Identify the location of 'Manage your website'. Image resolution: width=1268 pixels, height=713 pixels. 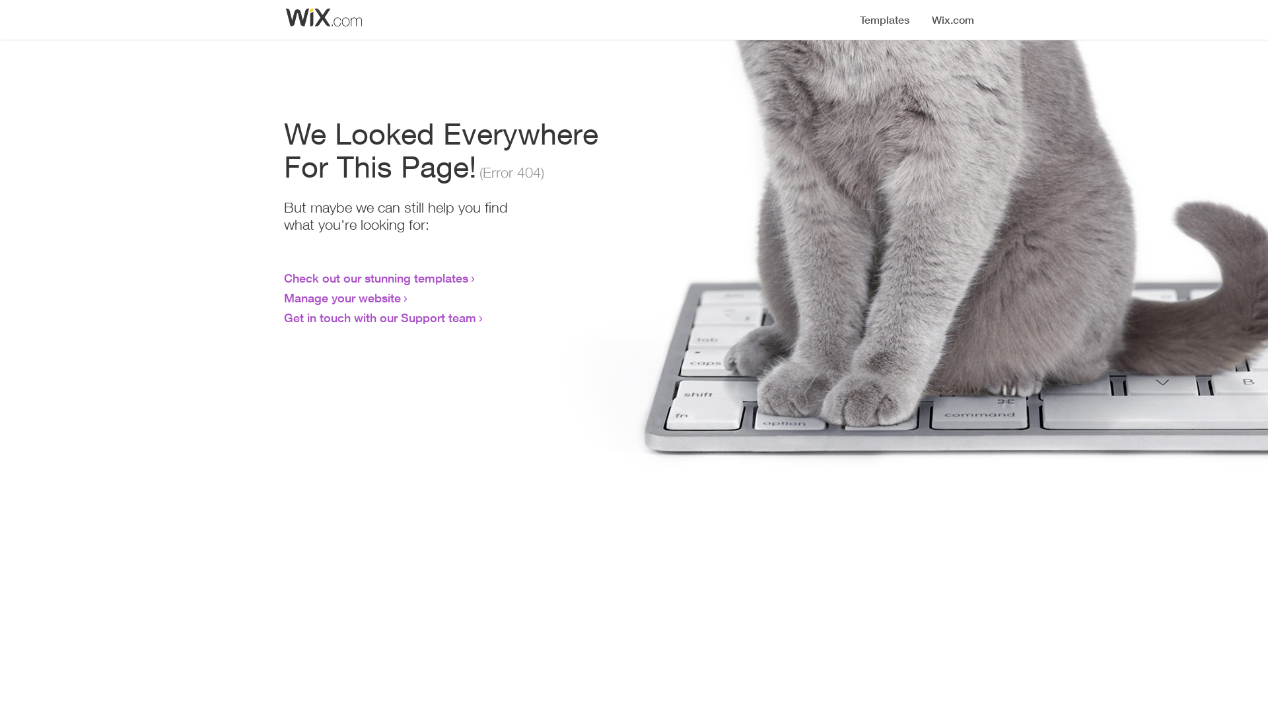
(342, 298).